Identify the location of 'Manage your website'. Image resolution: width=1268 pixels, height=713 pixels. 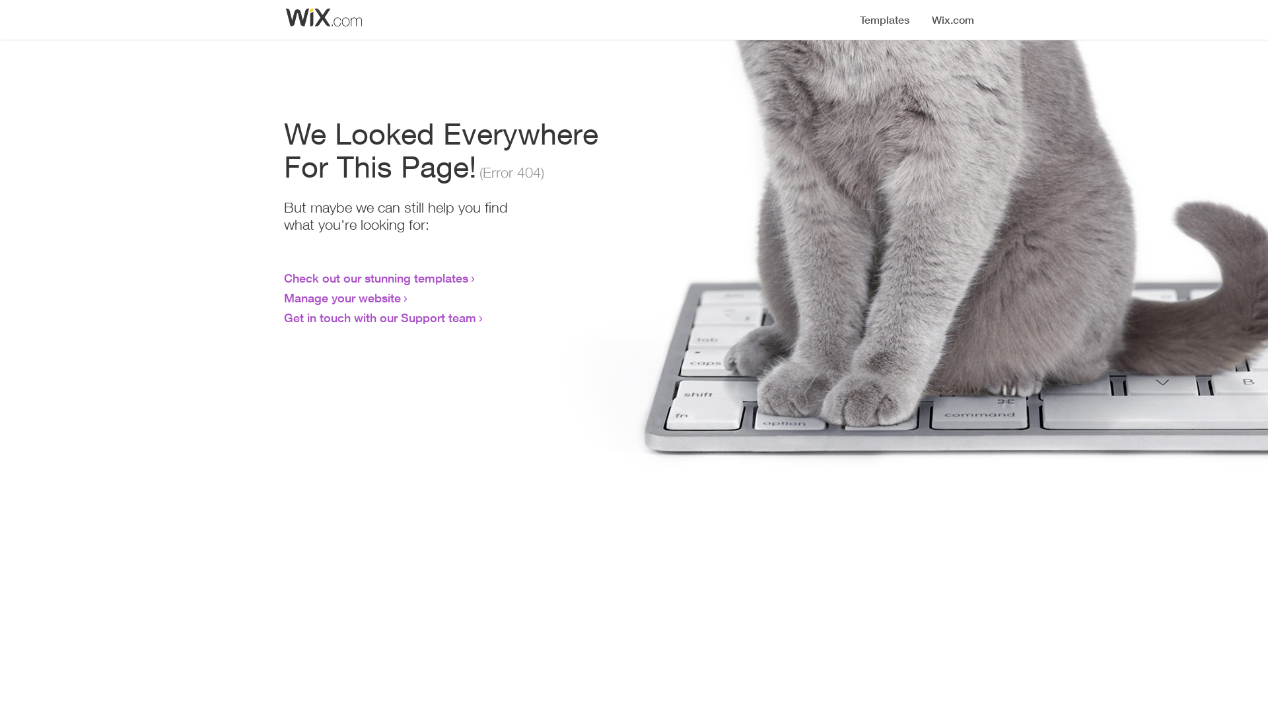
(342, 298).